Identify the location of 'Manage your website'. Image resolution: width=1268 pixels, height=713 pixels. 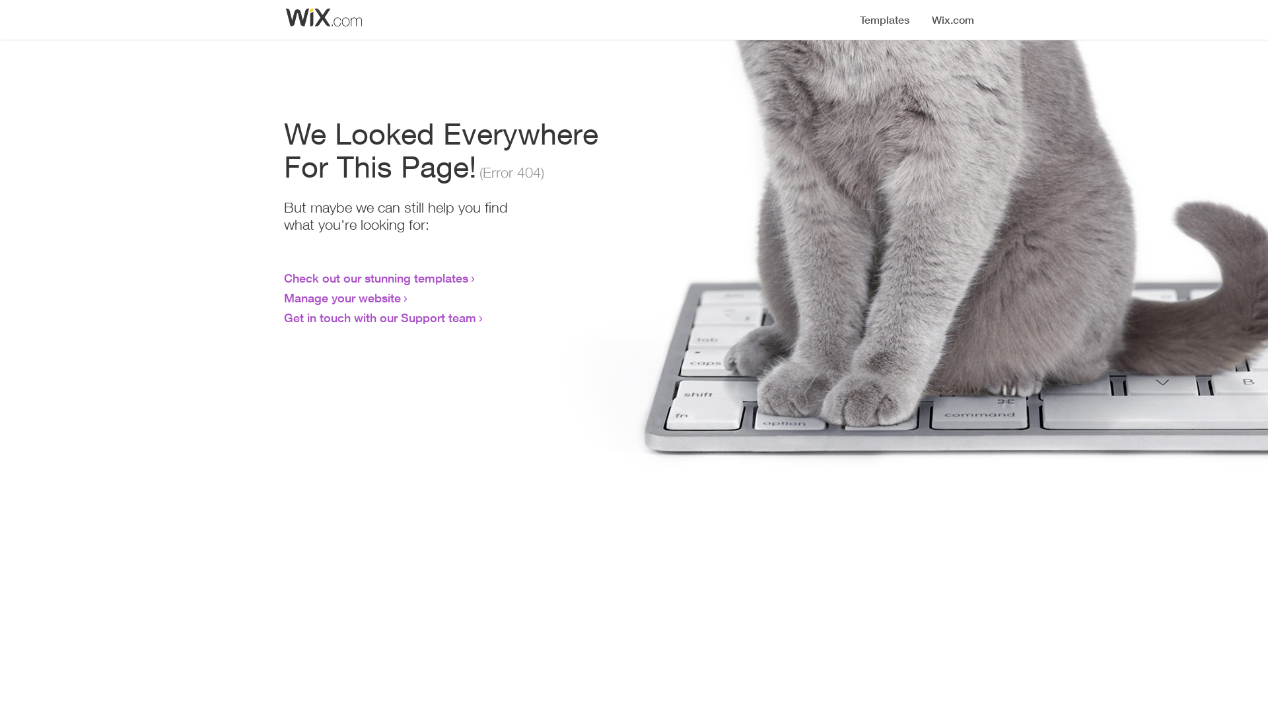
(342, 298).